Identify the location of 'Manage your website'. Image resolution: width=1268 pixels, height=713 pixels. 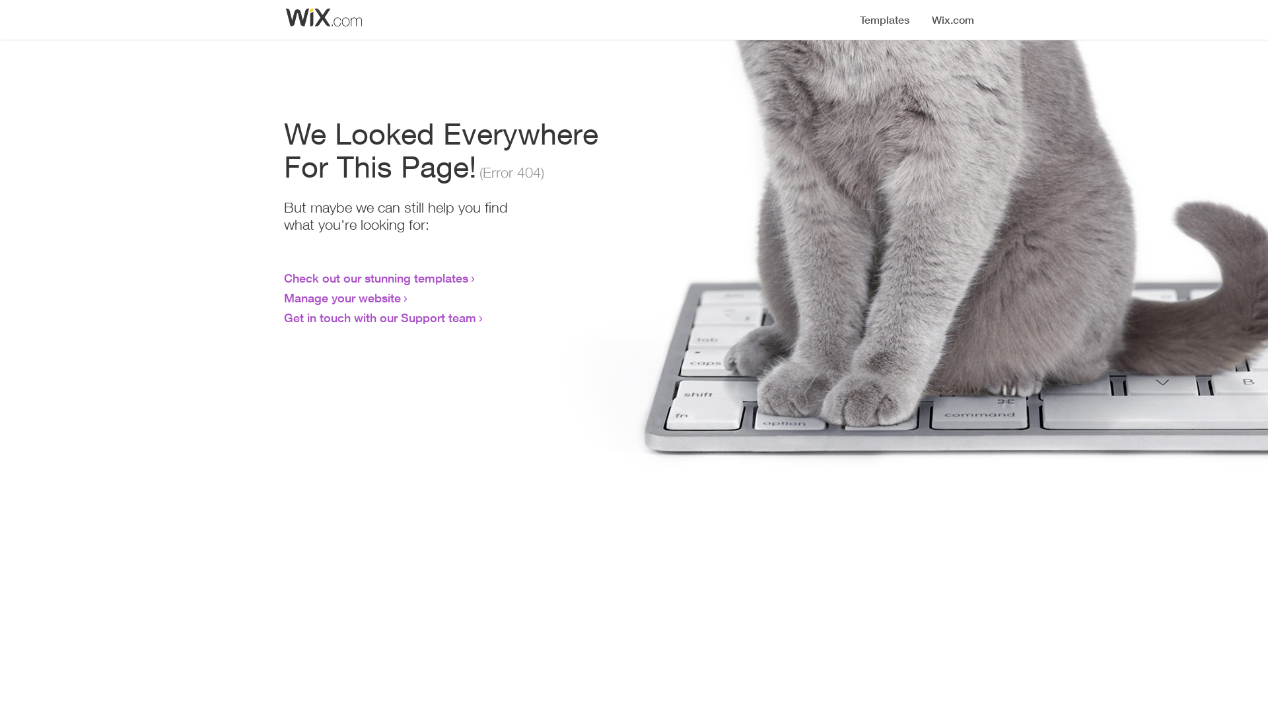
(342, 298).